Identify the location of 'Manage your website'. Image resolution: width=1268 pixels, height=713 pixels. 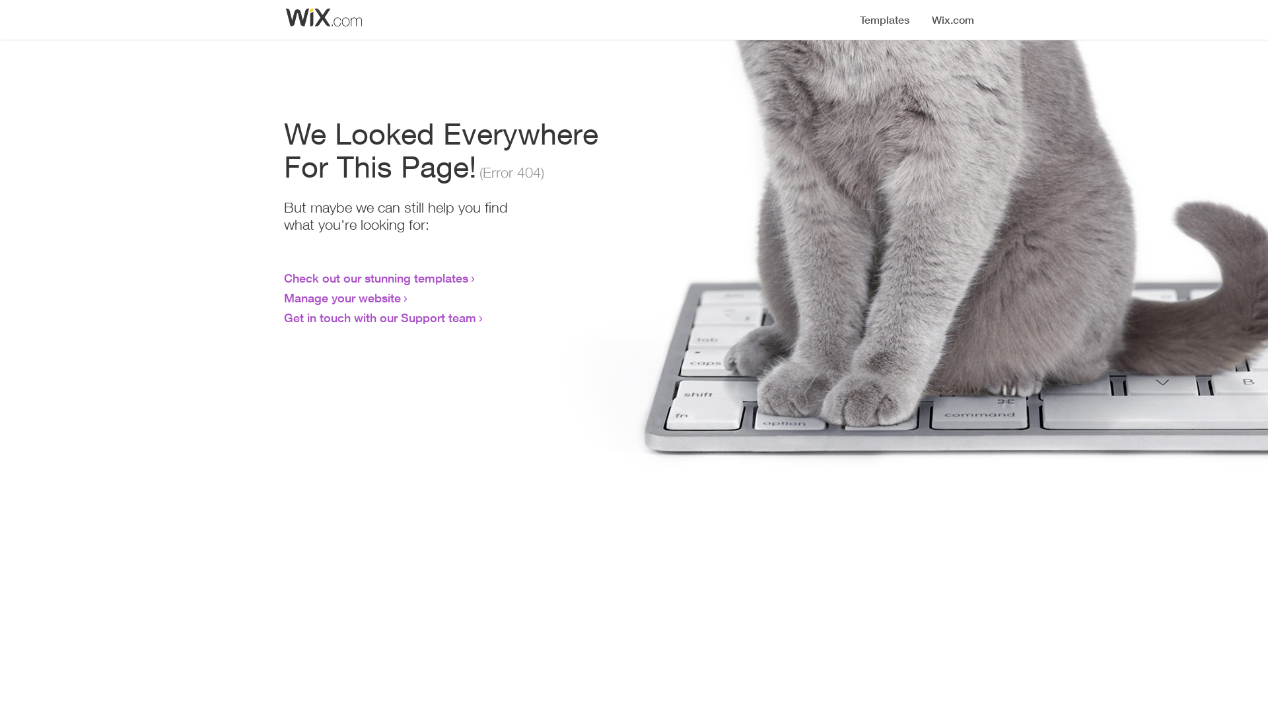
(342, 298).